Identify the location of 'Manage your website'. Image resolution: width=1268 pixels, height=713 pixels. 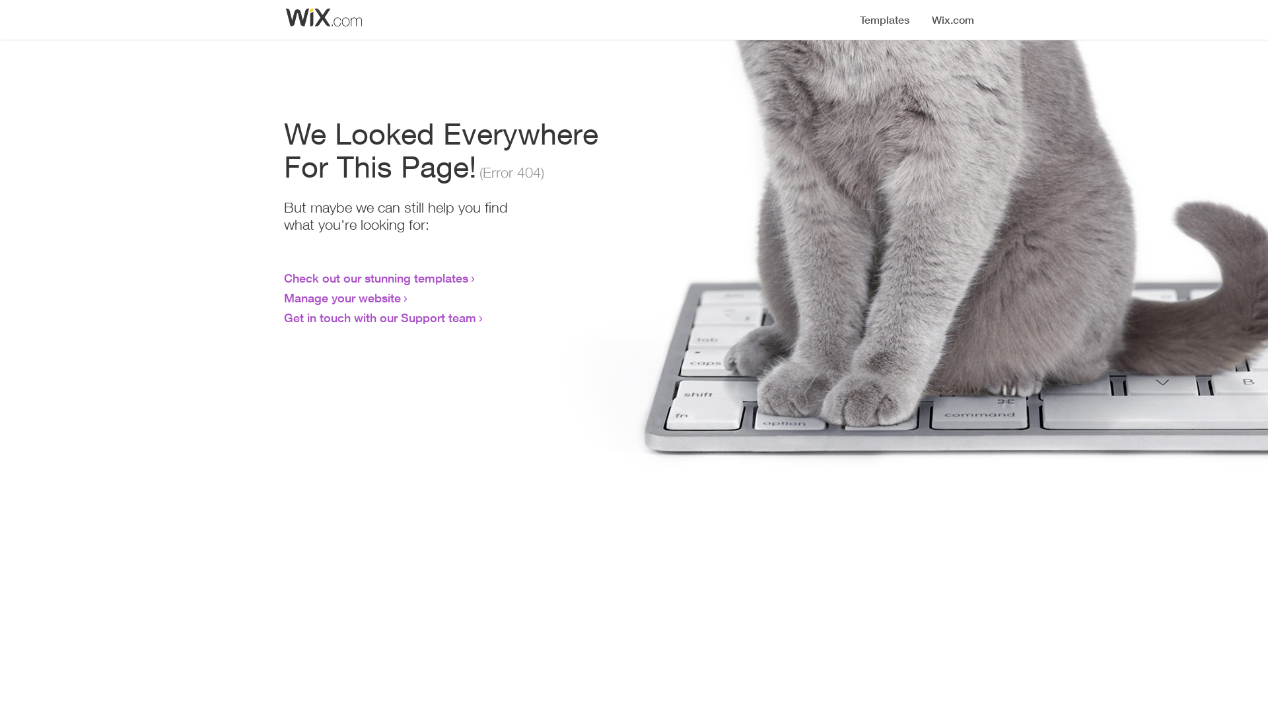
(342, 298).